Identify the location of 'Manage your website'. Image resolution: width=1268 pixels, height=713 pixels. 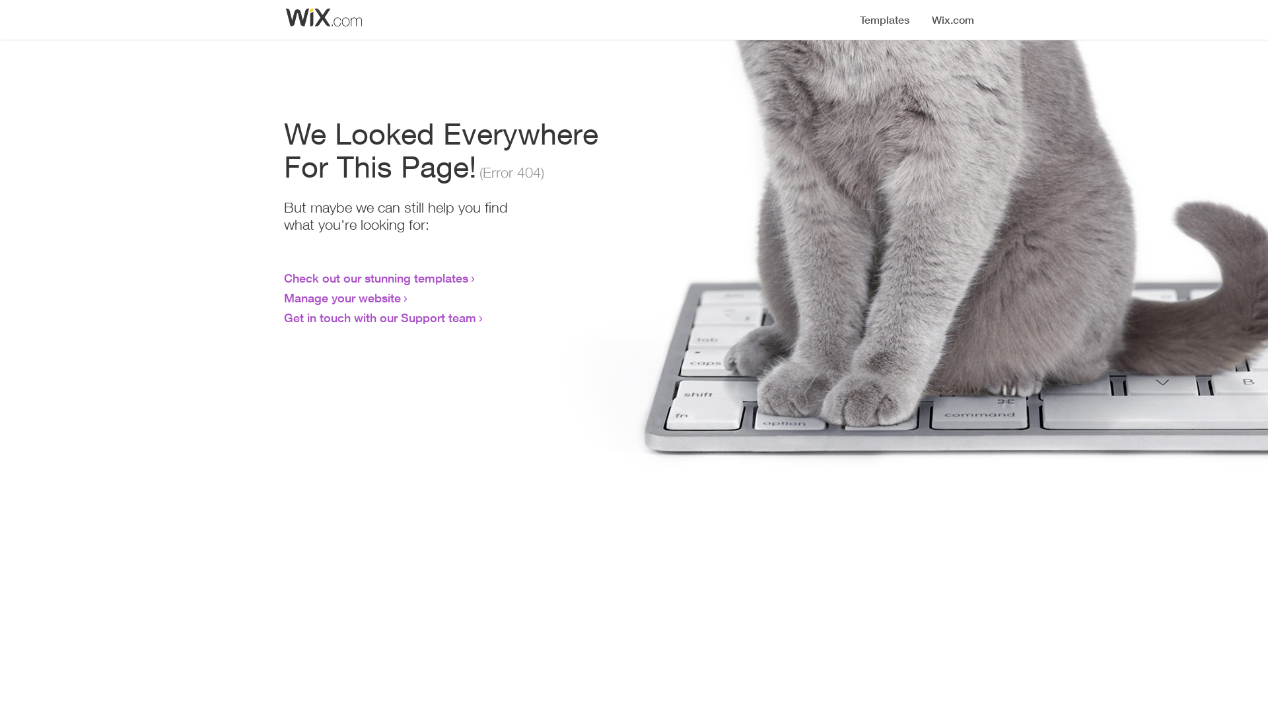
(342, 298).